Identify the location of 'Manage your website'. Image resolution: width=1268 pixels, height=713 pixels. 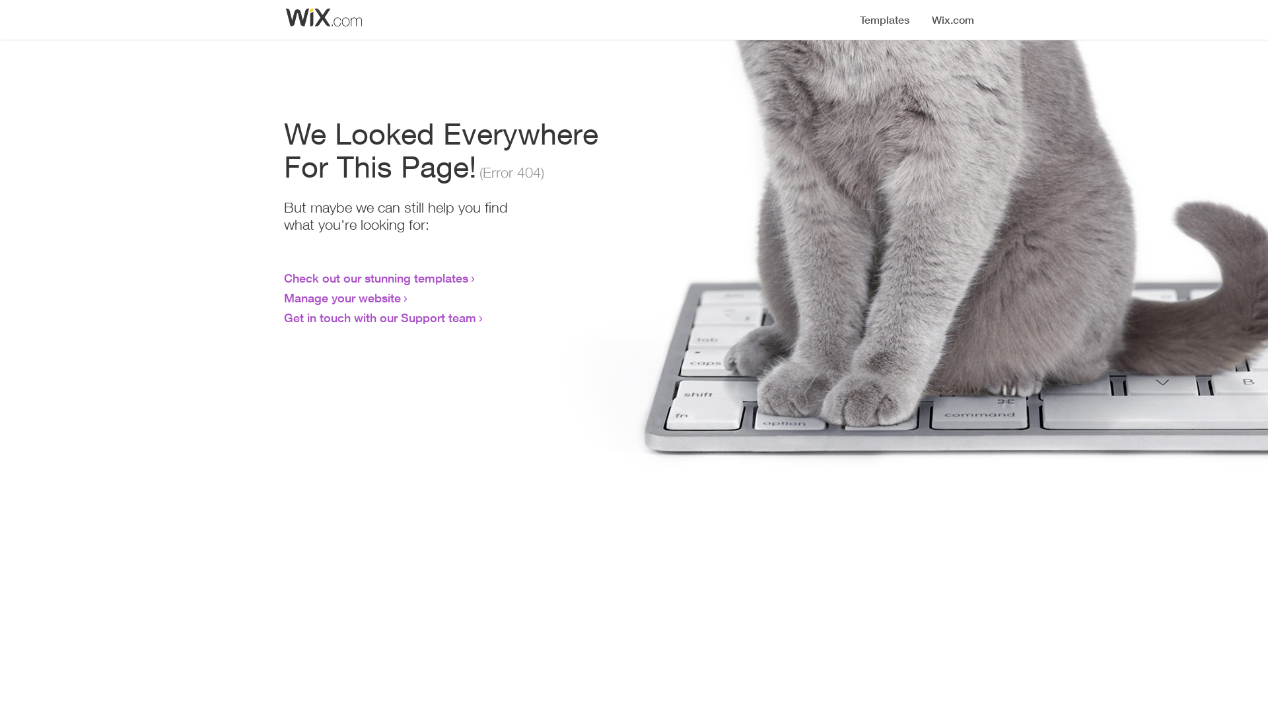
(342, 298).